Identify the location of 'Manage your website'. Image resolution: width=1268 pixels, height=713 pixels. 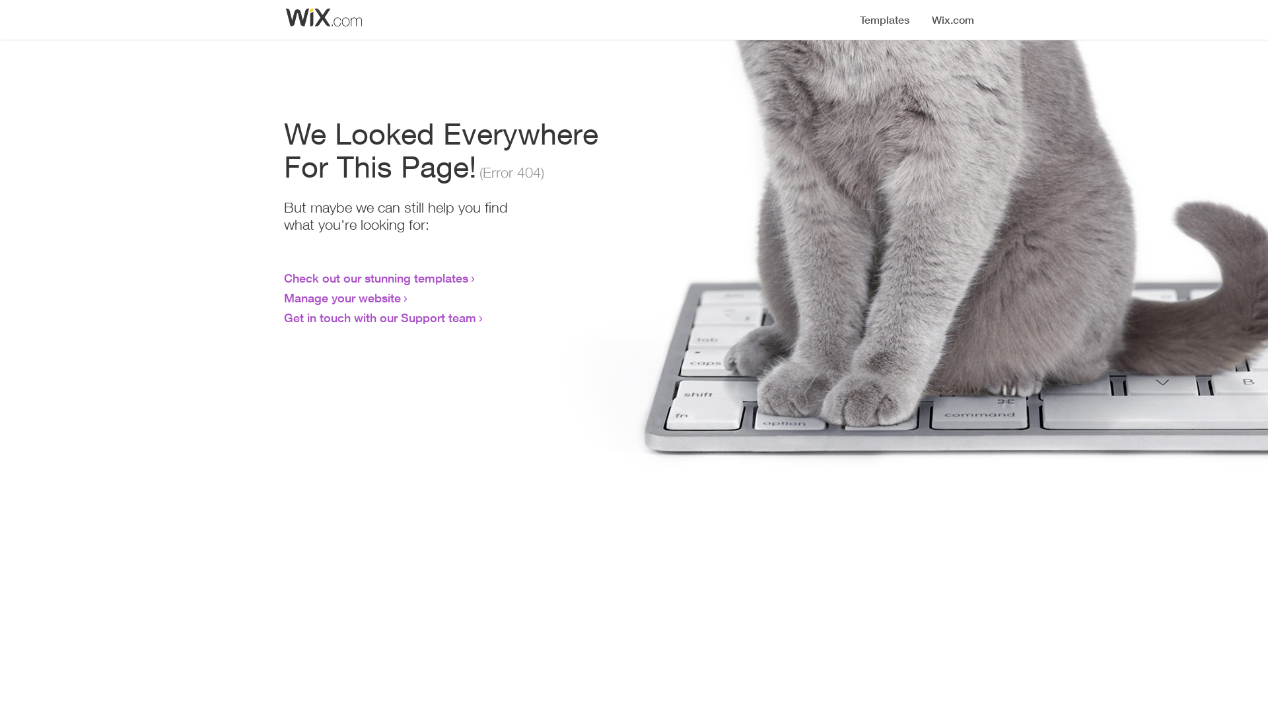
(342, 298).